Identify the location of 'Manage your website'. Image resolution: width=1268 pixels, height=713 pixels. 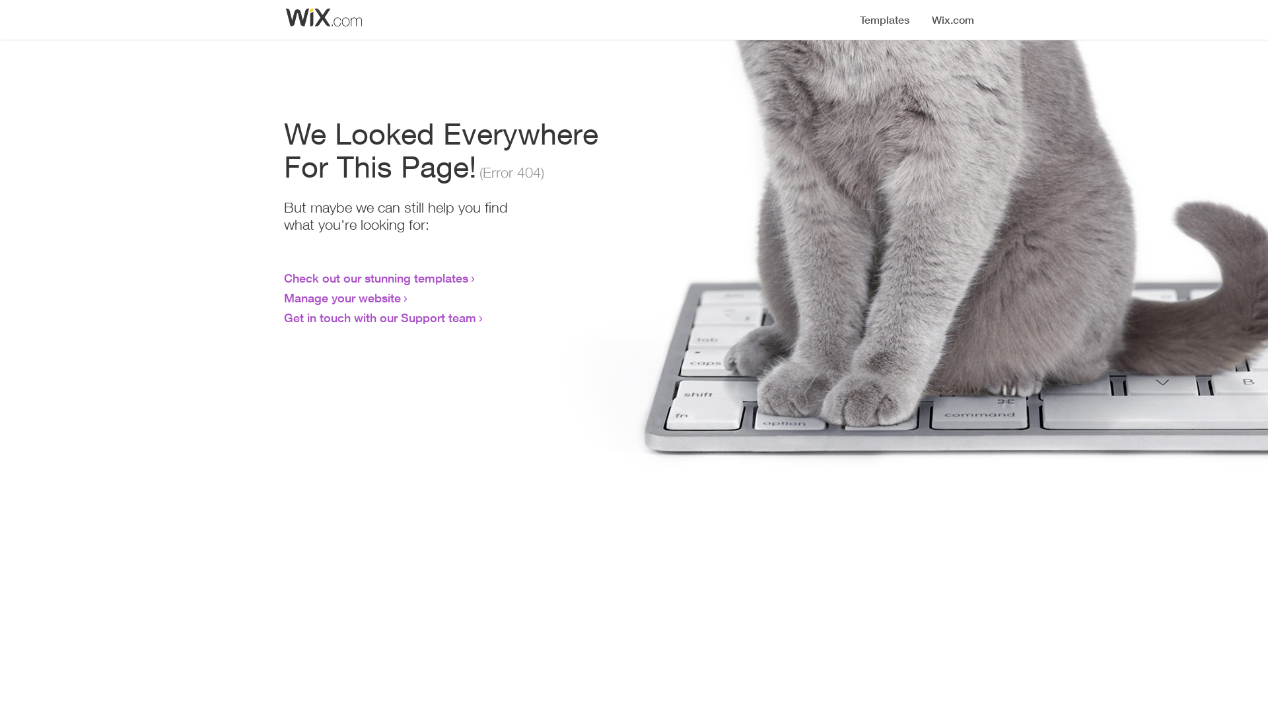
(342, 298).